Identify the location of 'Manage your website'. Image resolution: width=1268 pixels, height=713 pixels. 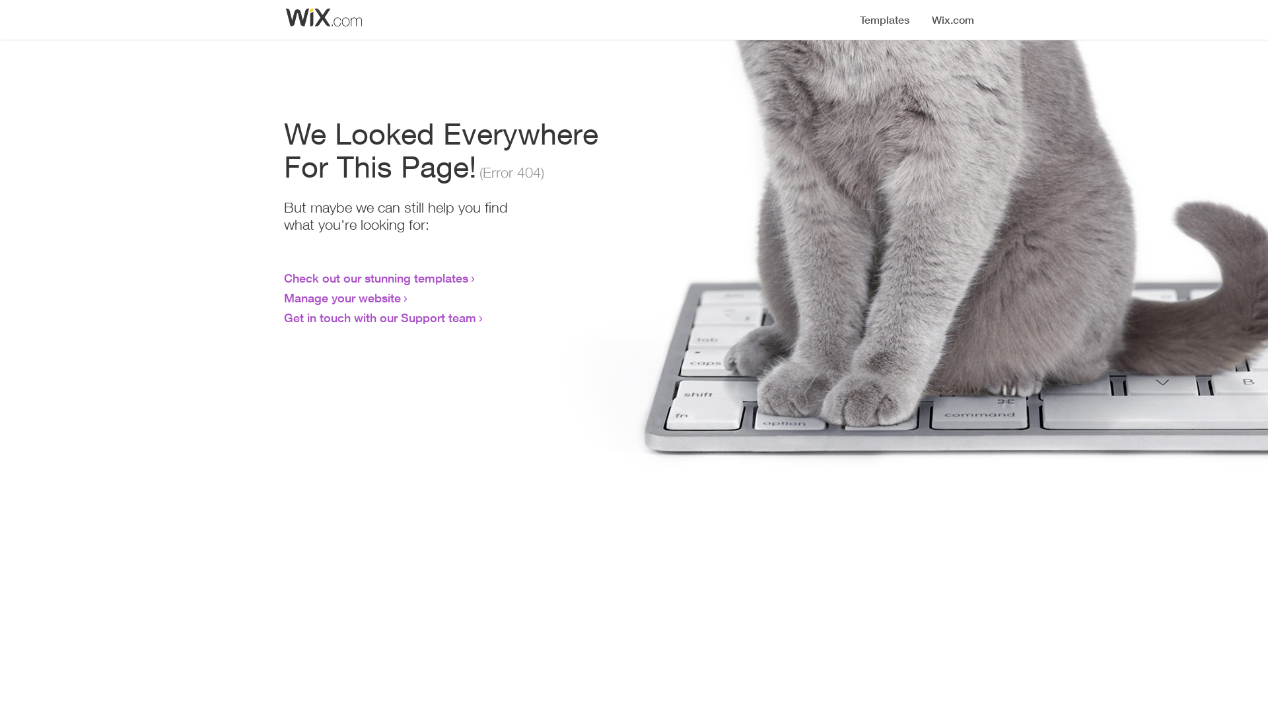
(342, 298).